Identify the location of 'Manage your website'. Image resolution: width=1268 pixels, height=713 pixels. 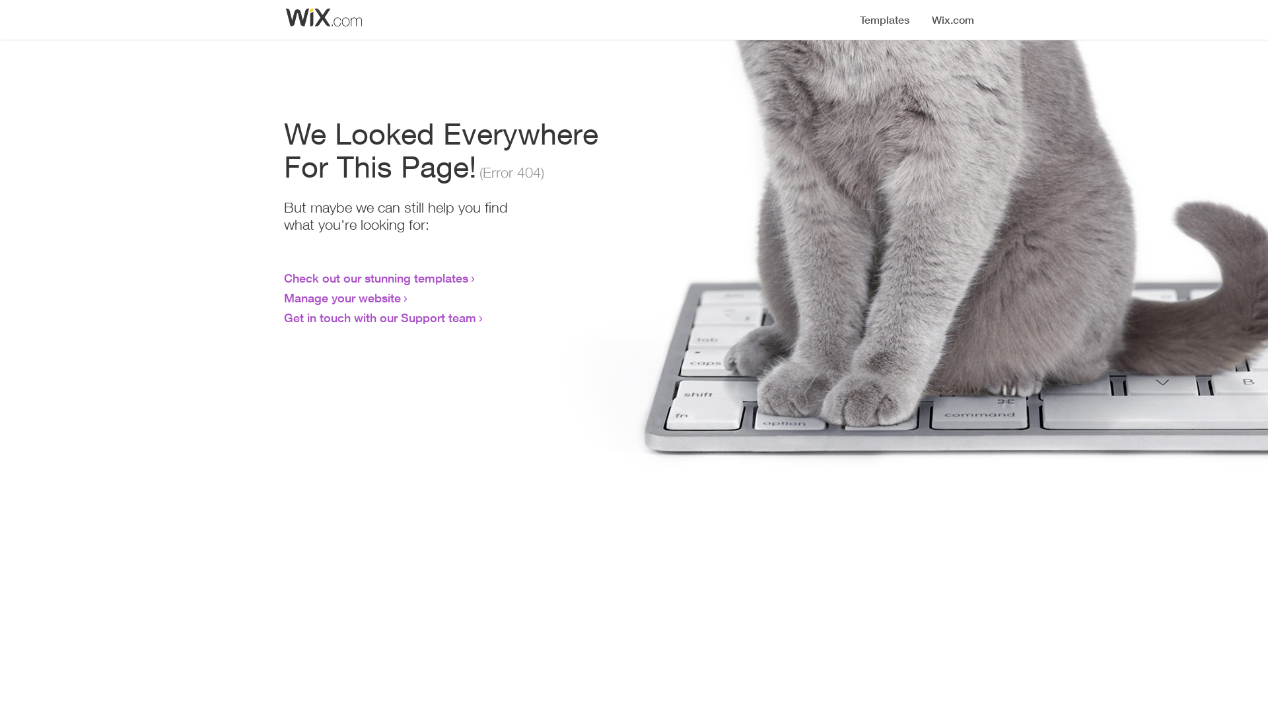
(342, 298).